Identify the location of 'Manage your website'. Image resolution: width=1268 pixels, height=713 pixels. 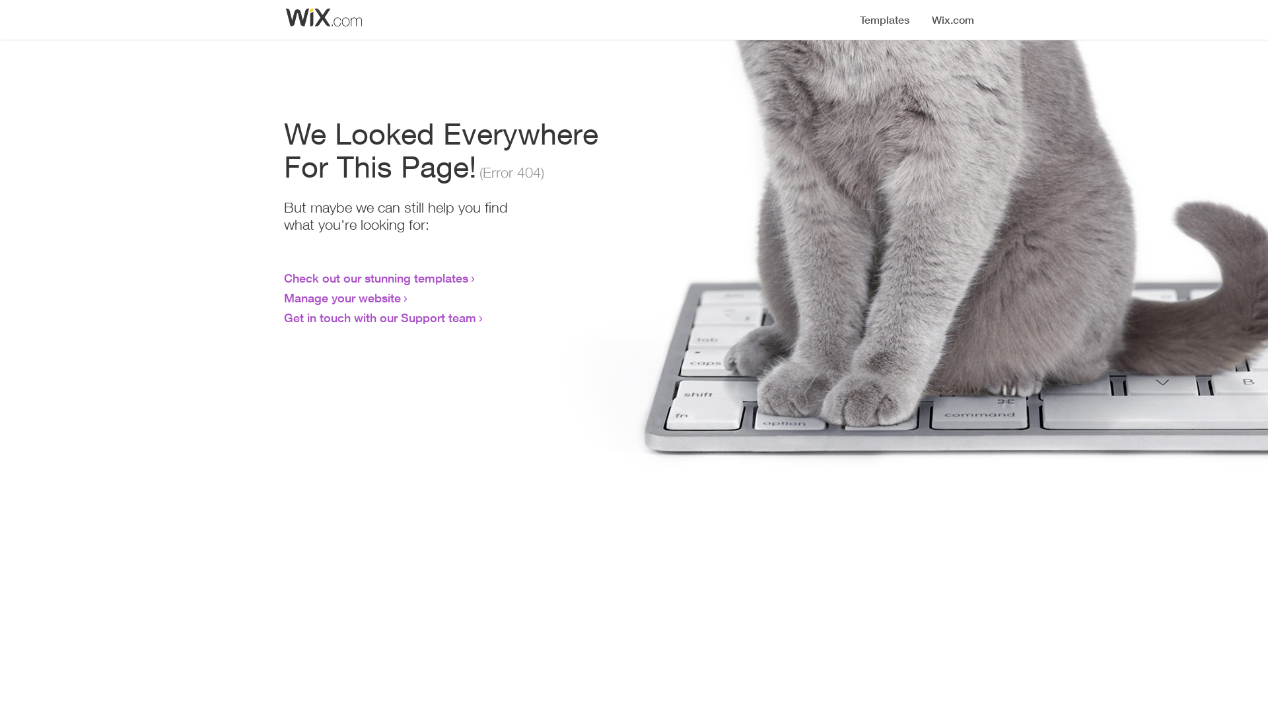
(342, 298).